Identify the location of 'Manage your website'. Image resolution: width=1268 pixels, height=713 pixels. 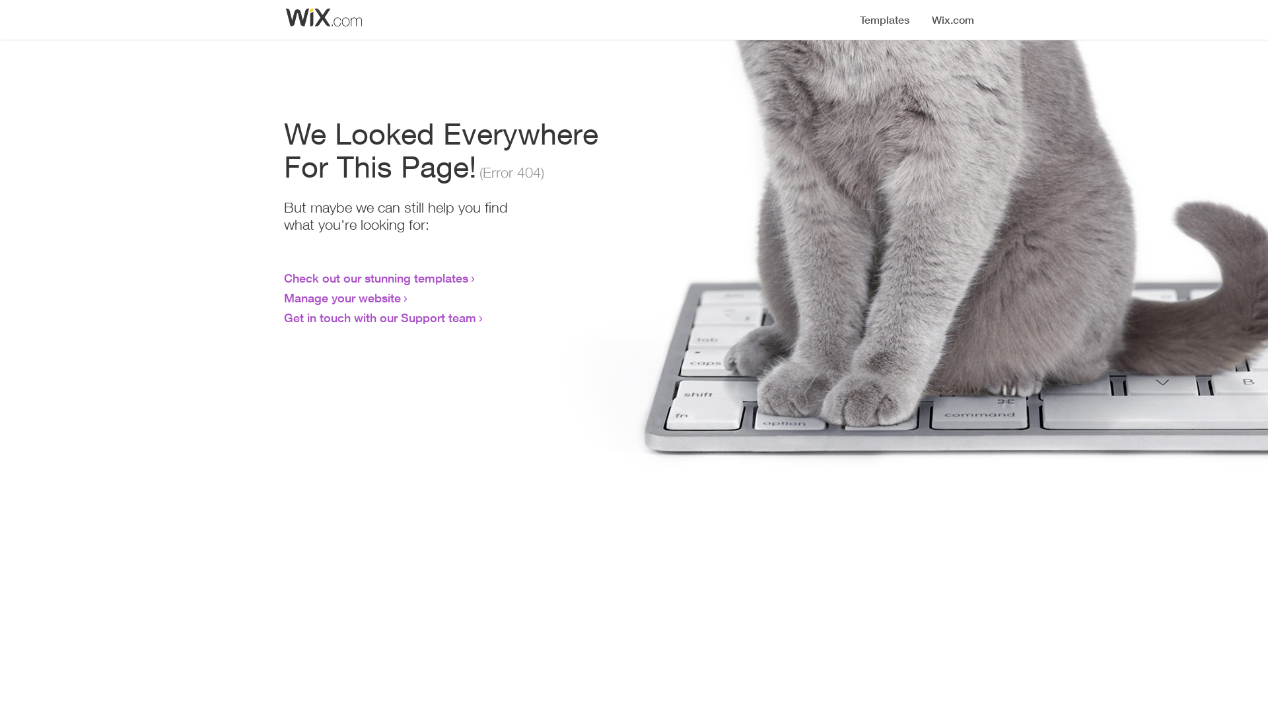
(342, 298).